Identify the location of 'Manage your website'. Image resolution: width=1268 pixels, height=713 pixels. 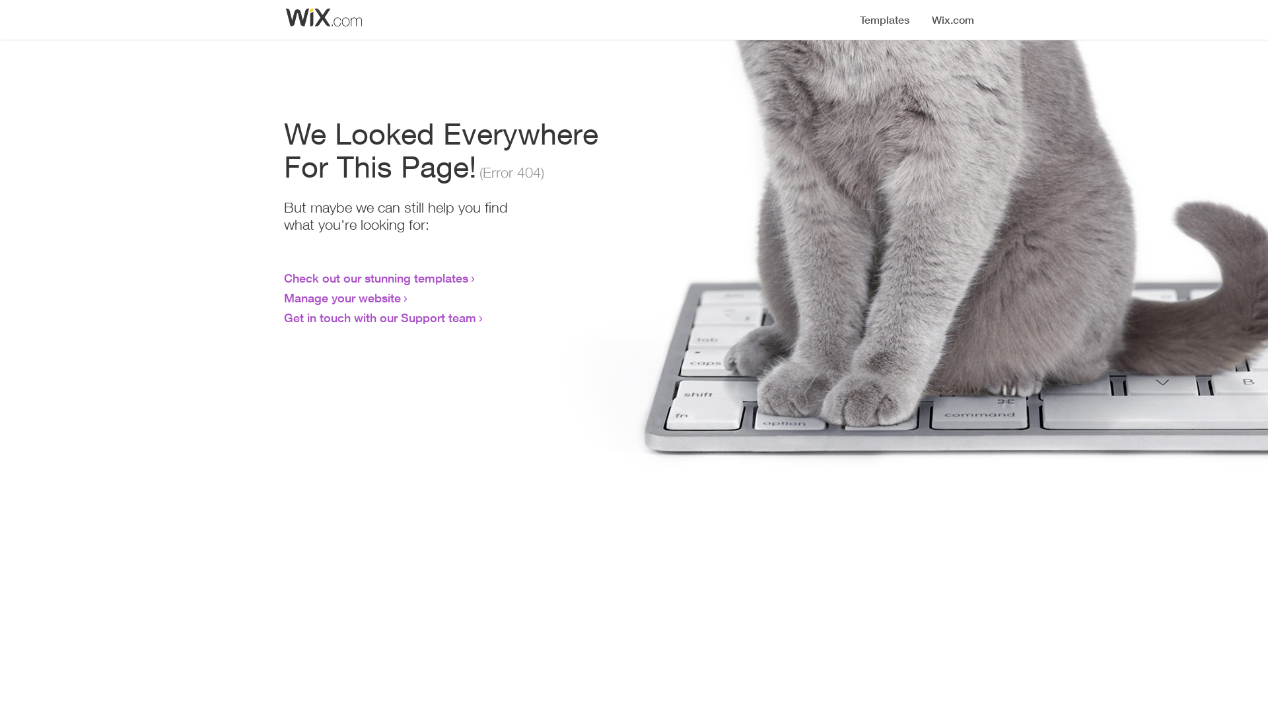
(342, 298).